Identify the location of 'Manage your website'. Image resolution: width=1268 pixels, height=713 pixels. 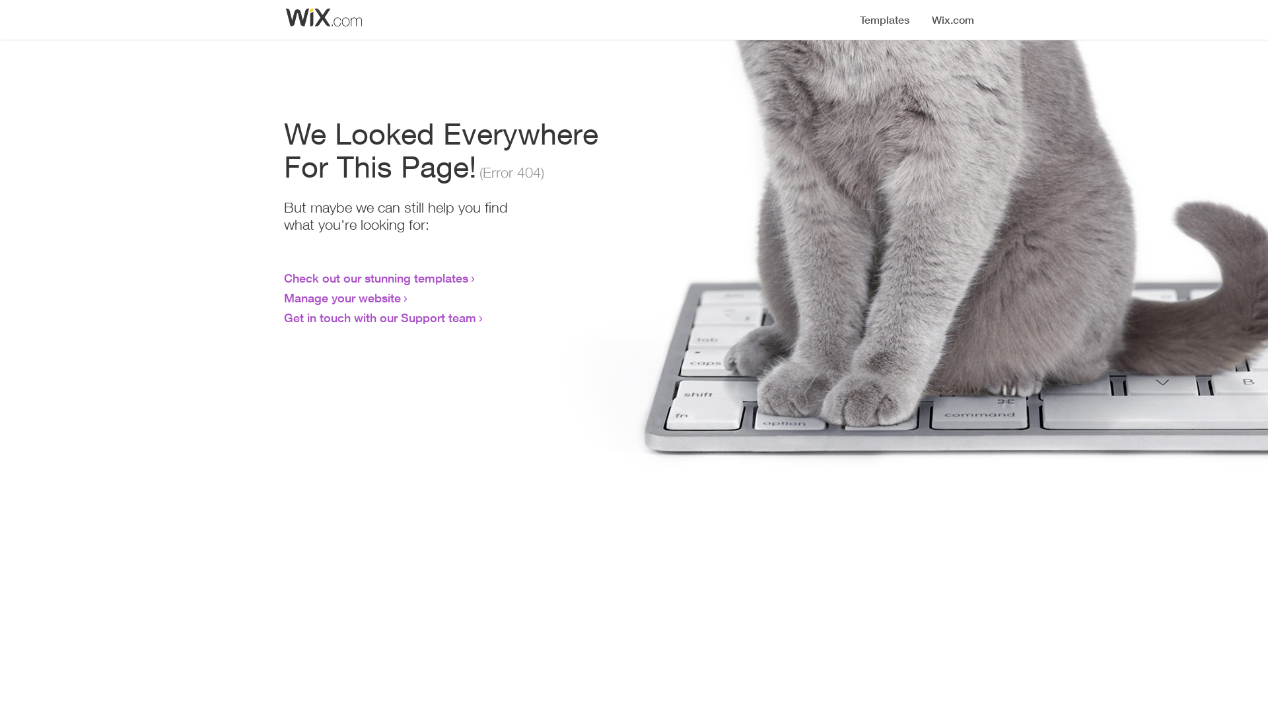
(342, 298).